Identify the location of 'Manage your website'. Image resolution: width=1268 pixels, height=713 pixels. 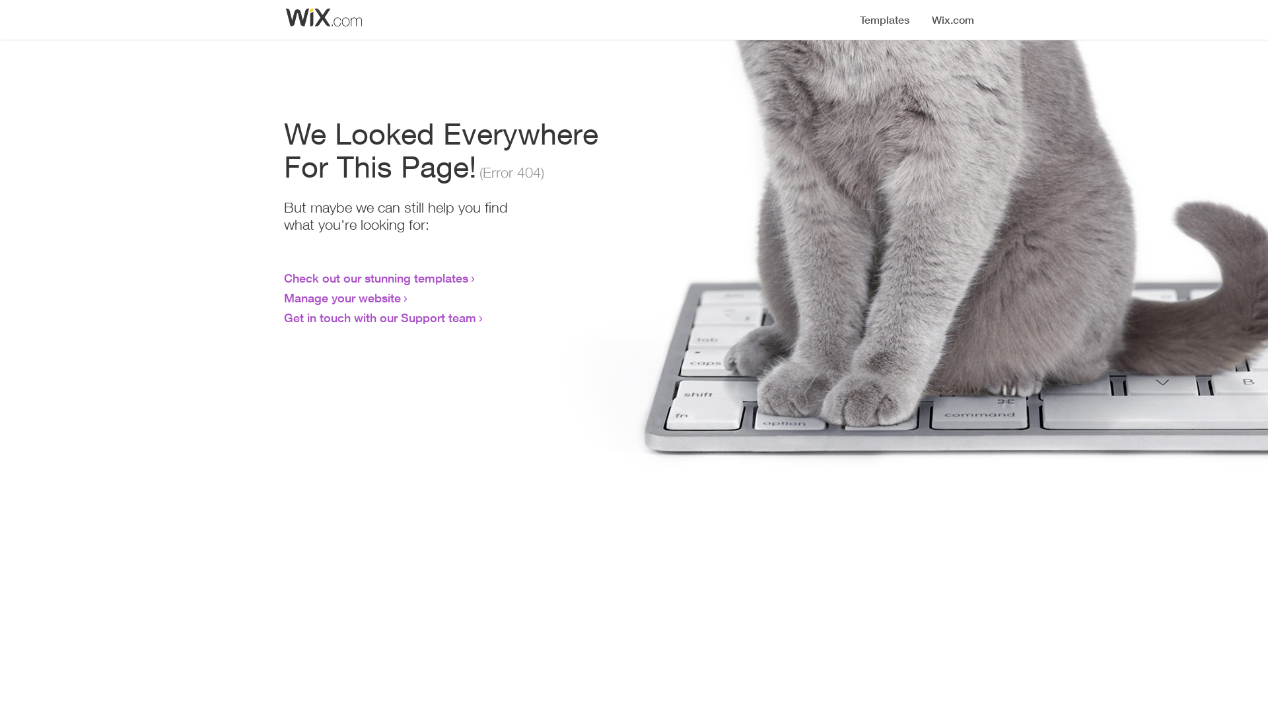
(342, 298).